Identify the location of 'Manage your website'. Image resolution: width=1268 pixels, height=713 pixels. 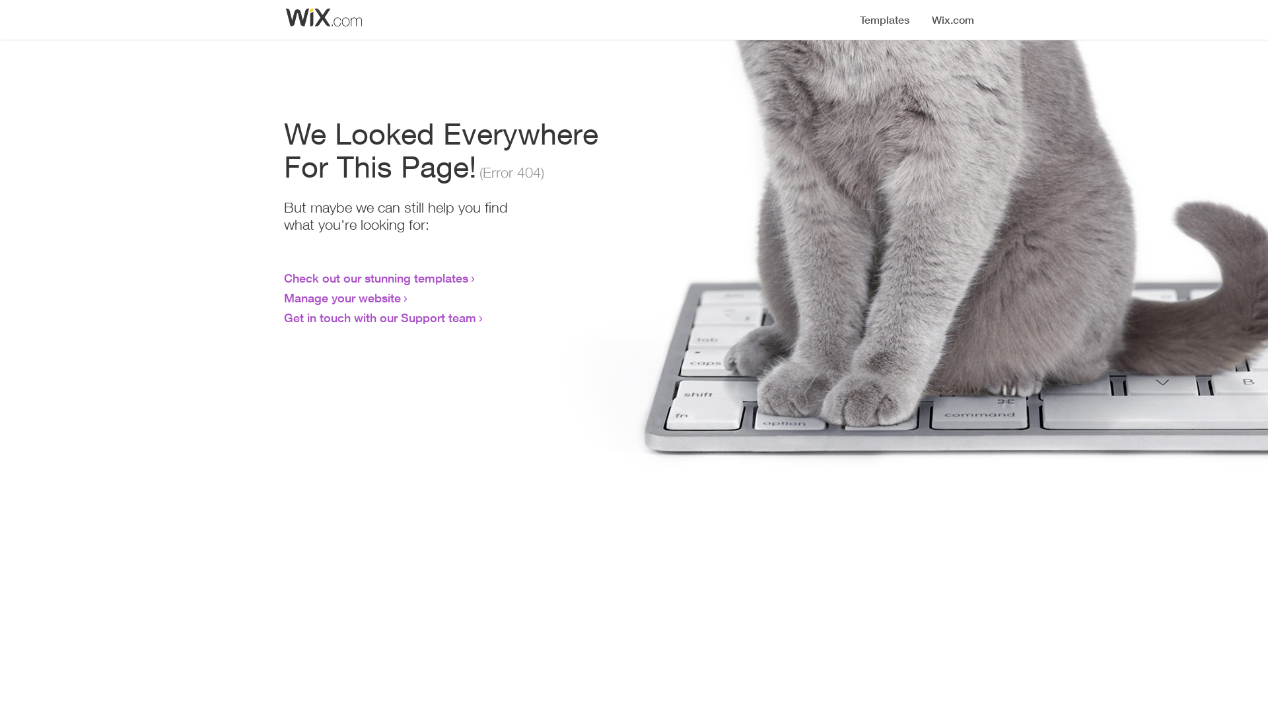
(342, 298).